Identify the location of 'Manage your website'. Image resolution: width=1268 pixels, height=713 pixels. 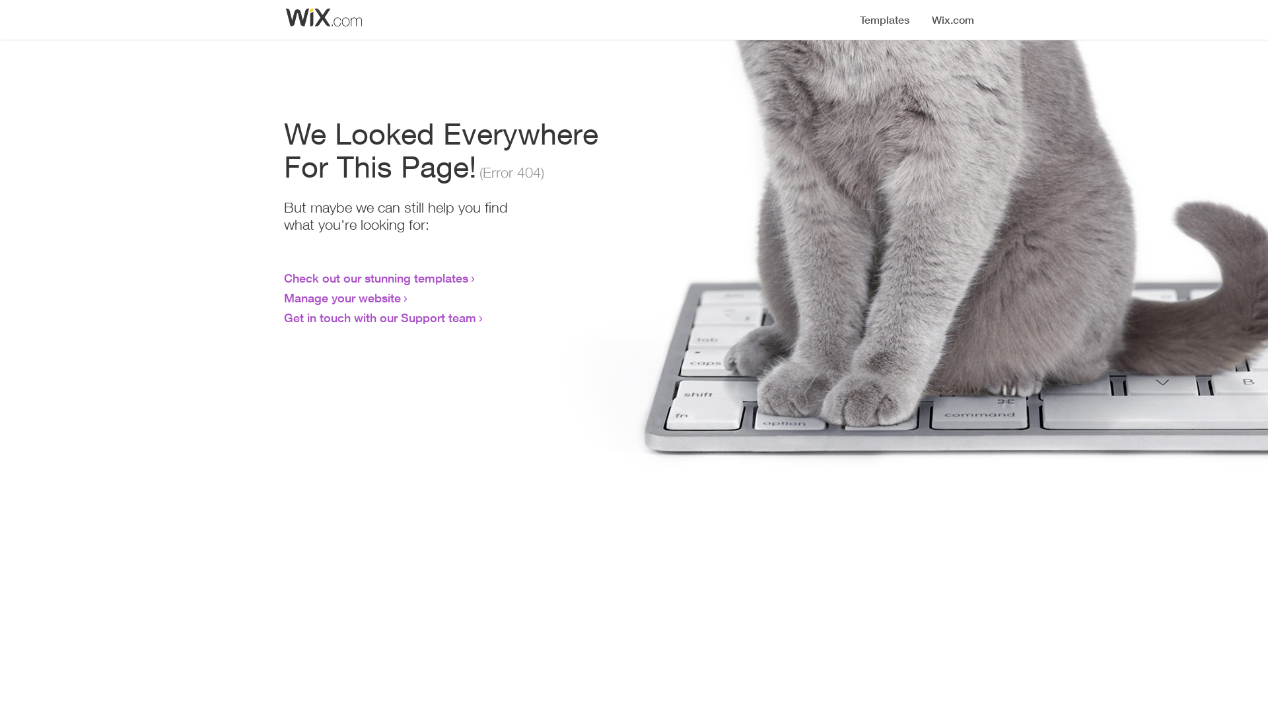
(342, 298).